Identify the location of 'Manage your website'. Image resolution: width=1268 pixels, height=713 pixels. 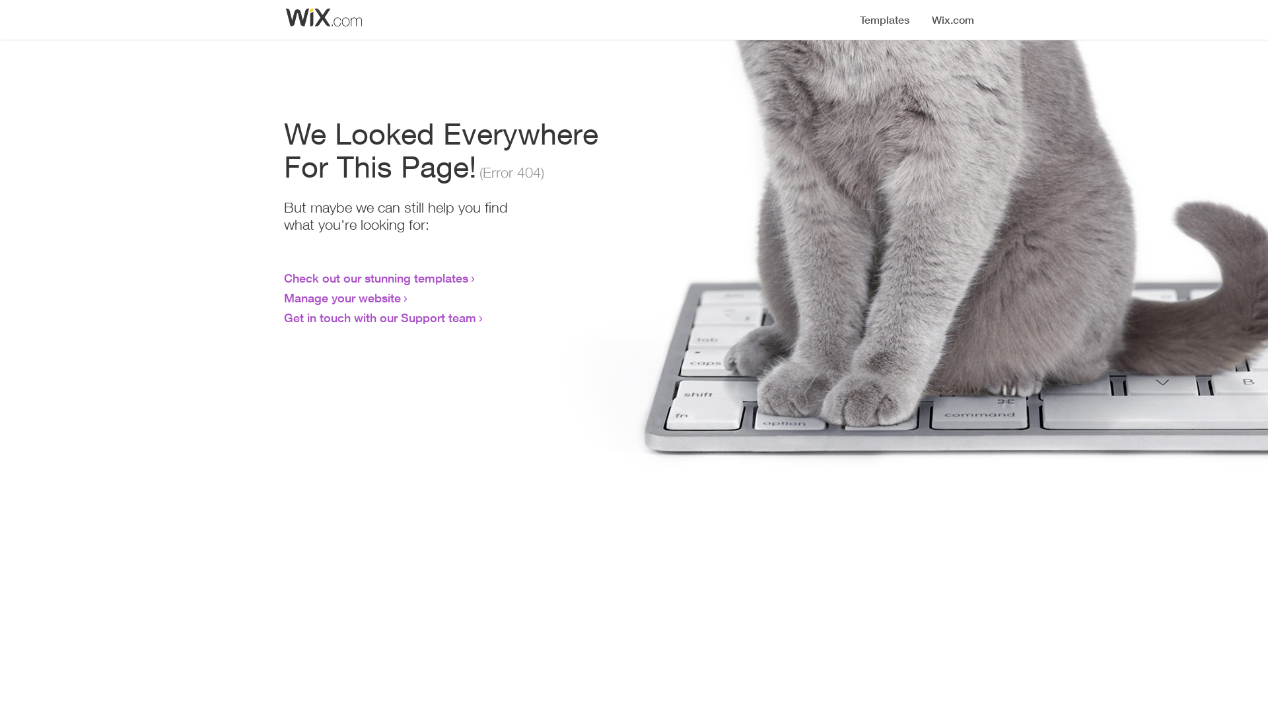
(342, 298).